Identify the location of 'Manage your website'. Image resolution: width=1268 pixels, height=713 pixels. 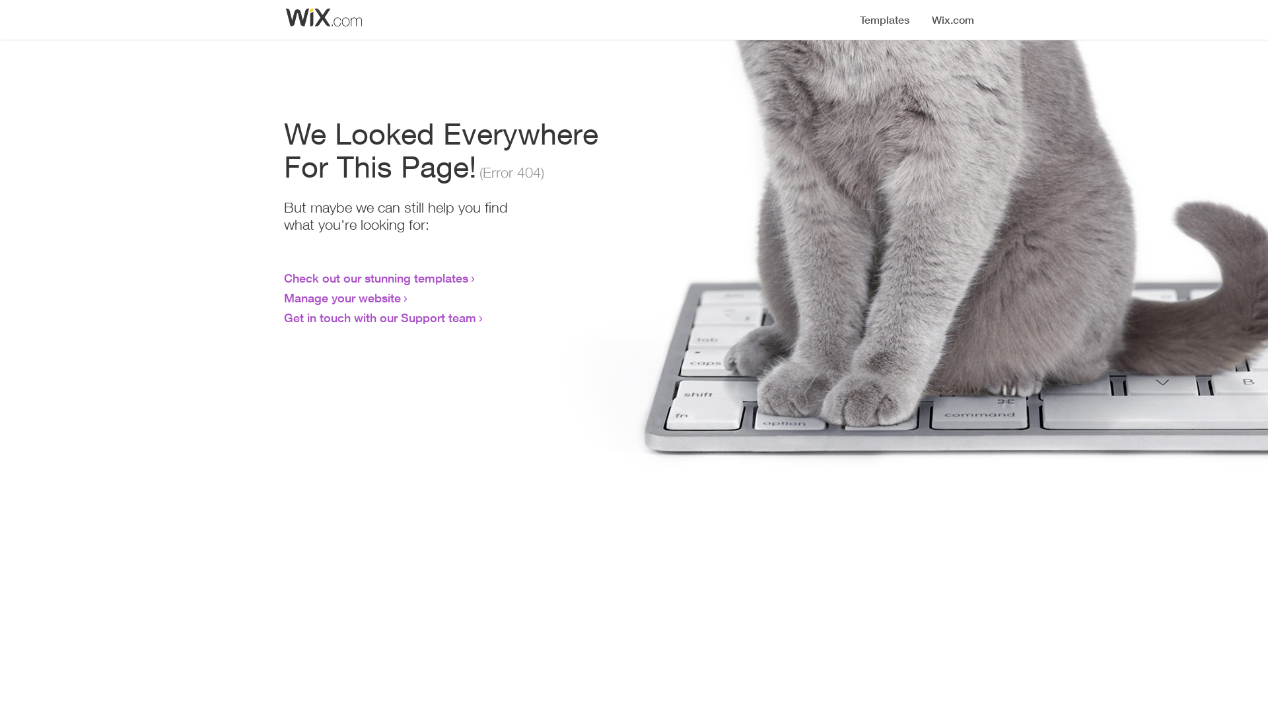
(342, 298).